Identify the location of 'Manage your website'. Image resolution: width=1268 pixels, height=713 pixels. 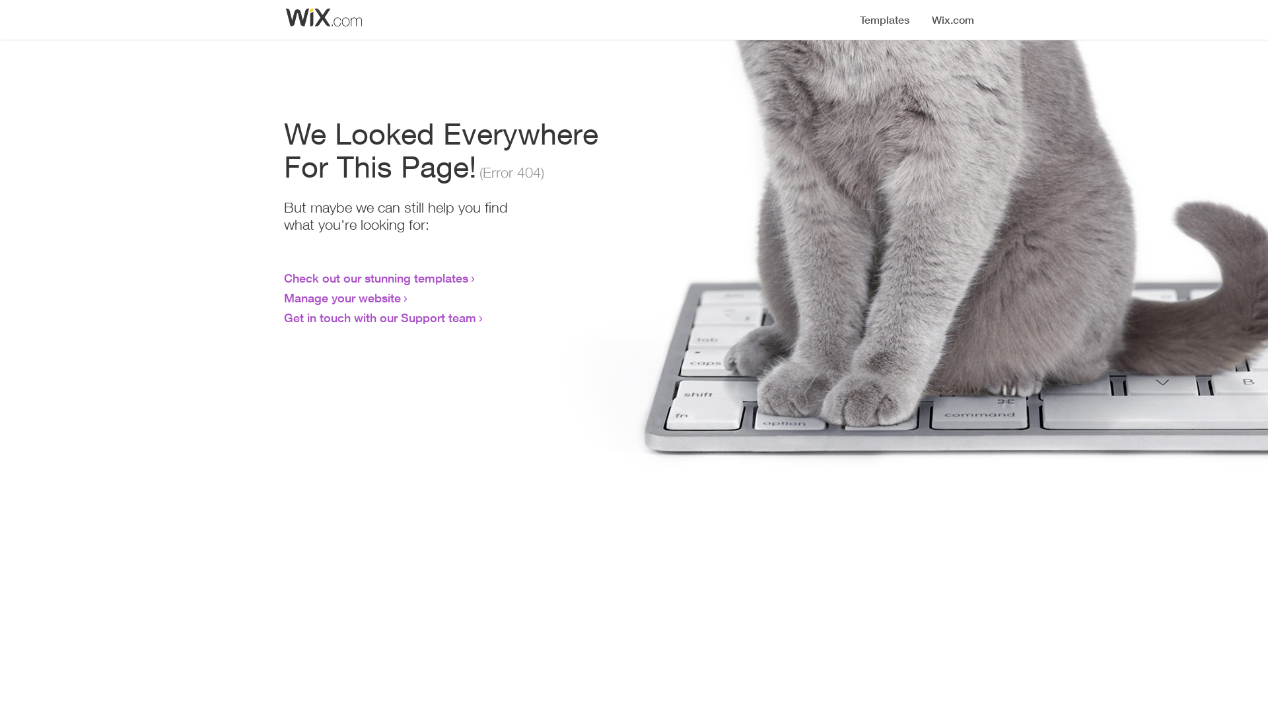
(342, 298).